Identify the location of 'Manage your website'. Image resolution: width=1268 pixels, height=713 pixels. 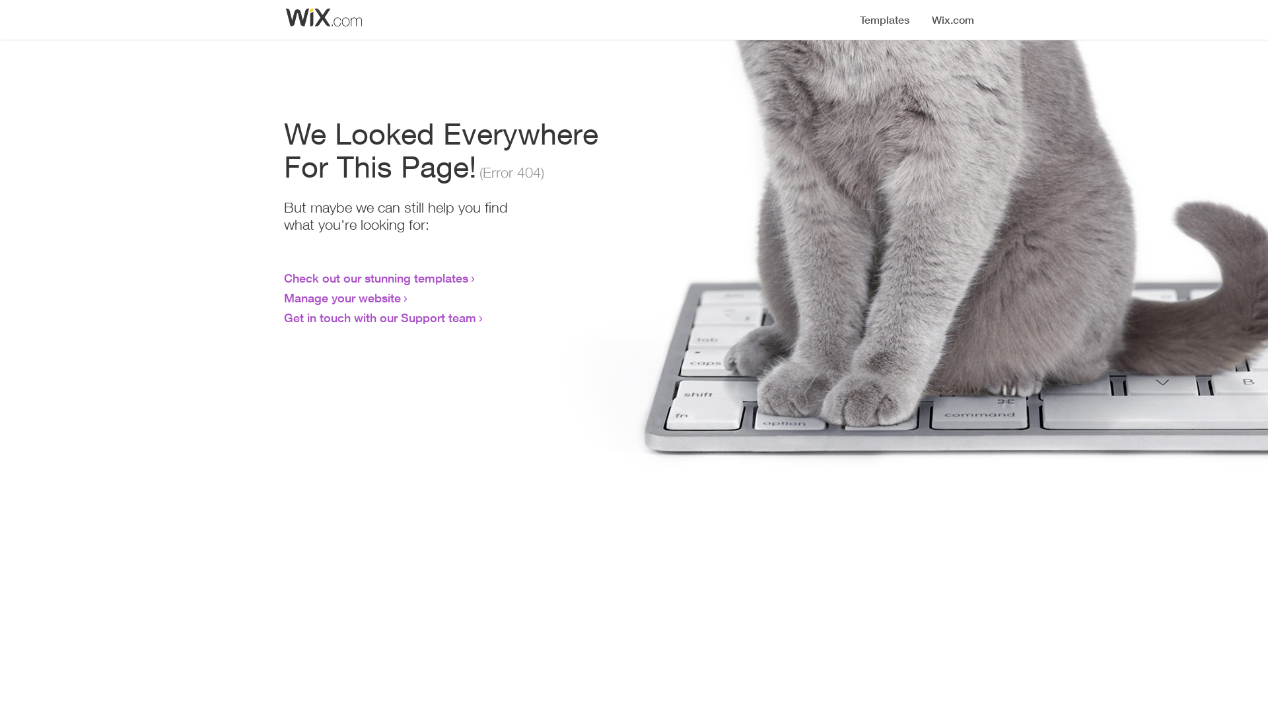
(342, 298).